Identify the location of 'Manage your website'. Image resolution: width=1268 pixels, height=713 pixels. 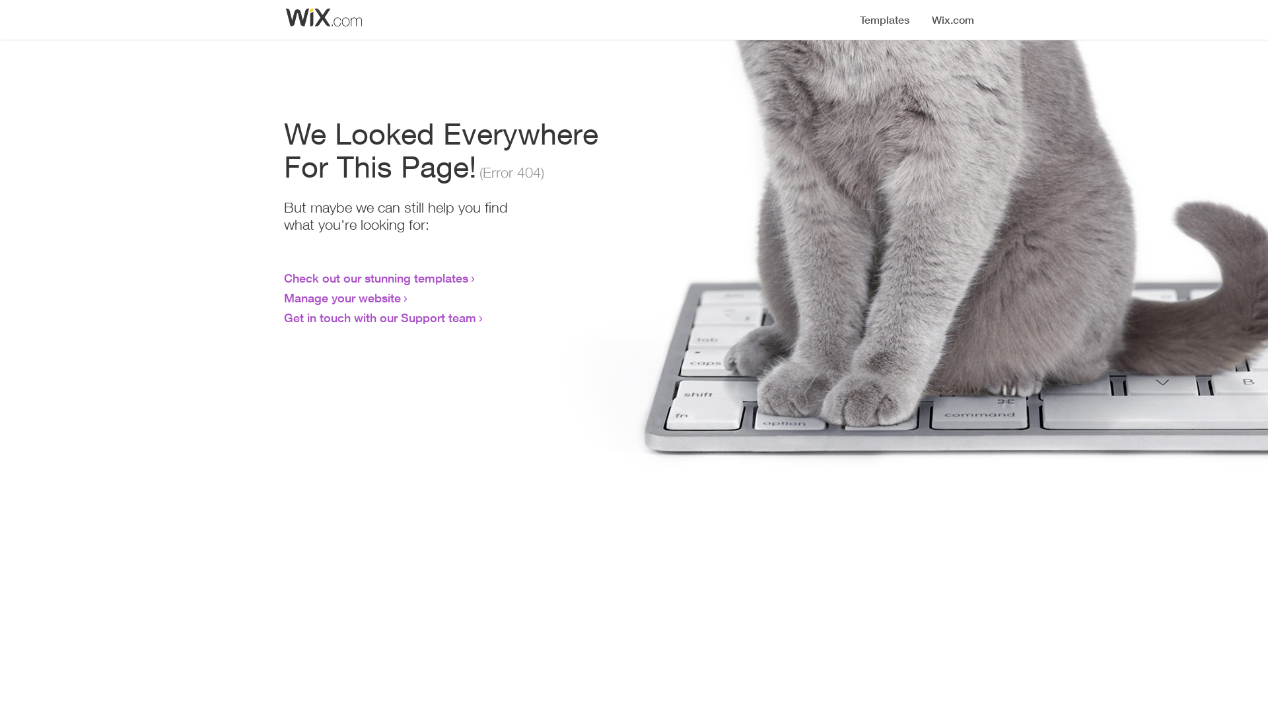
(342, 298).